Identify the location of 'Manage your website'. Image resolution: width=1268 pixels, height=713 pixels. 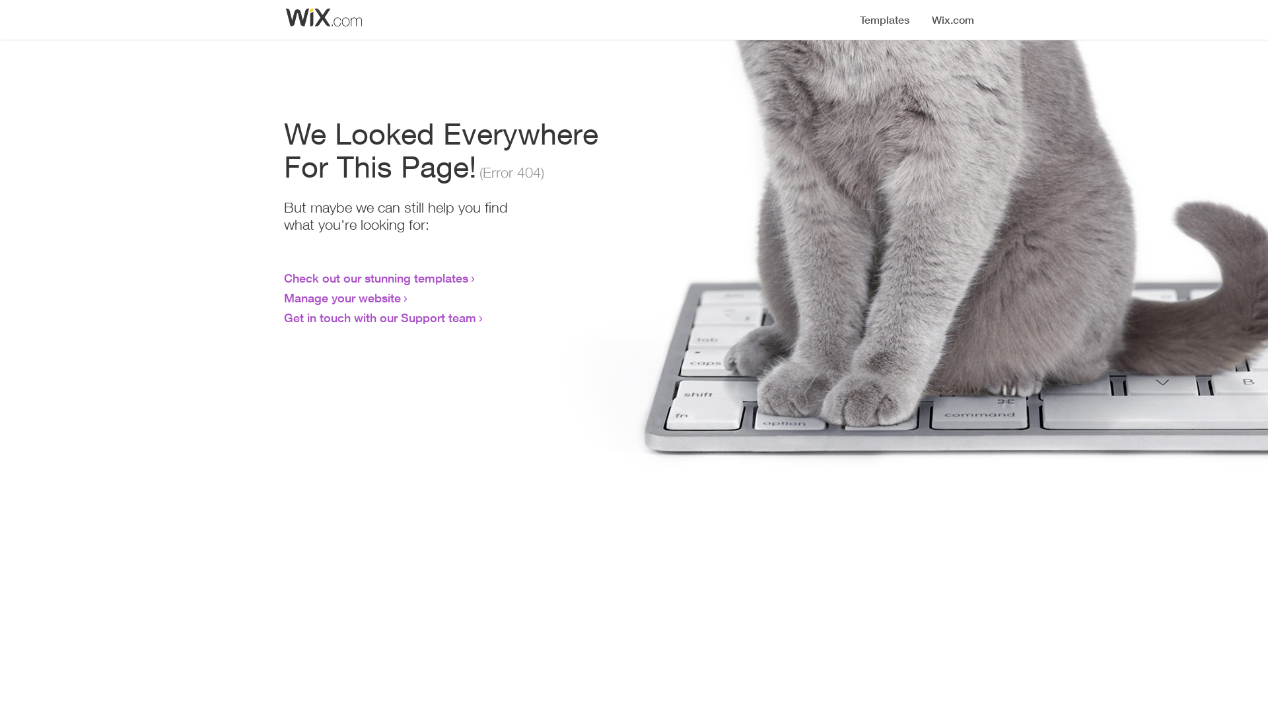
(342, 298).